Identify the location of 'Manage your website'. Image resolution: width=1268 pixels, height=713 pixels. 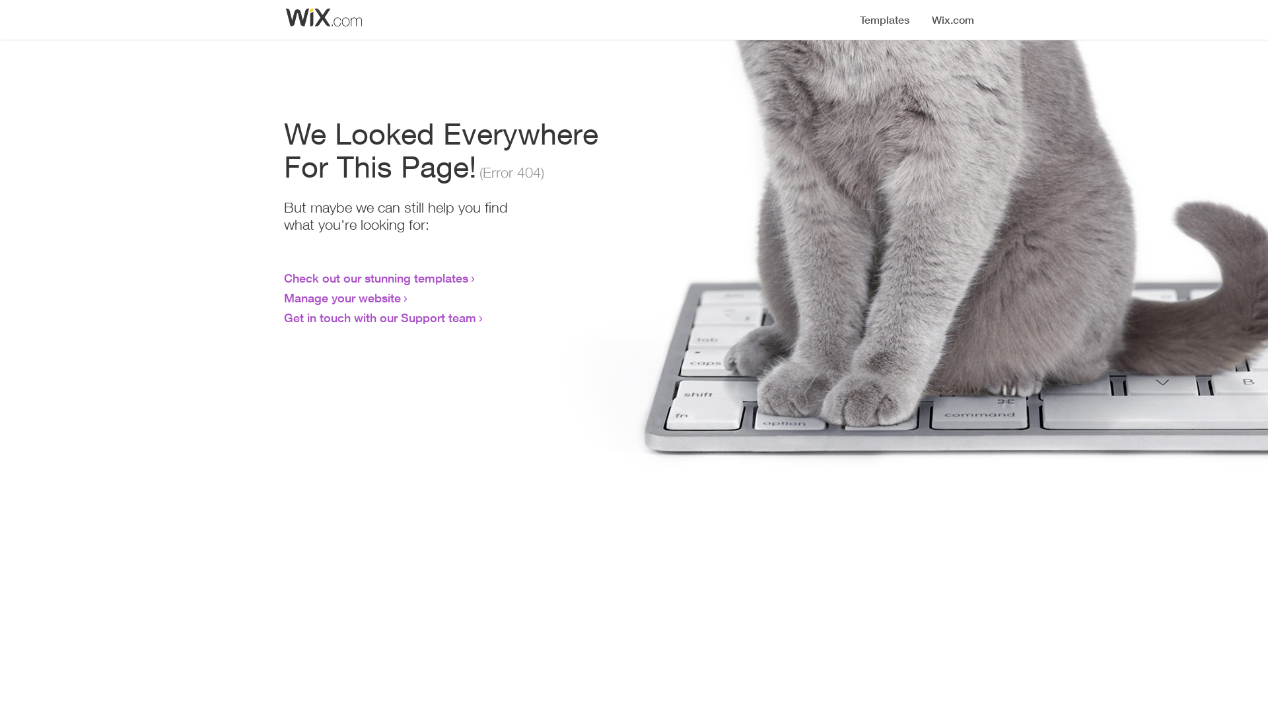
(342, 298).